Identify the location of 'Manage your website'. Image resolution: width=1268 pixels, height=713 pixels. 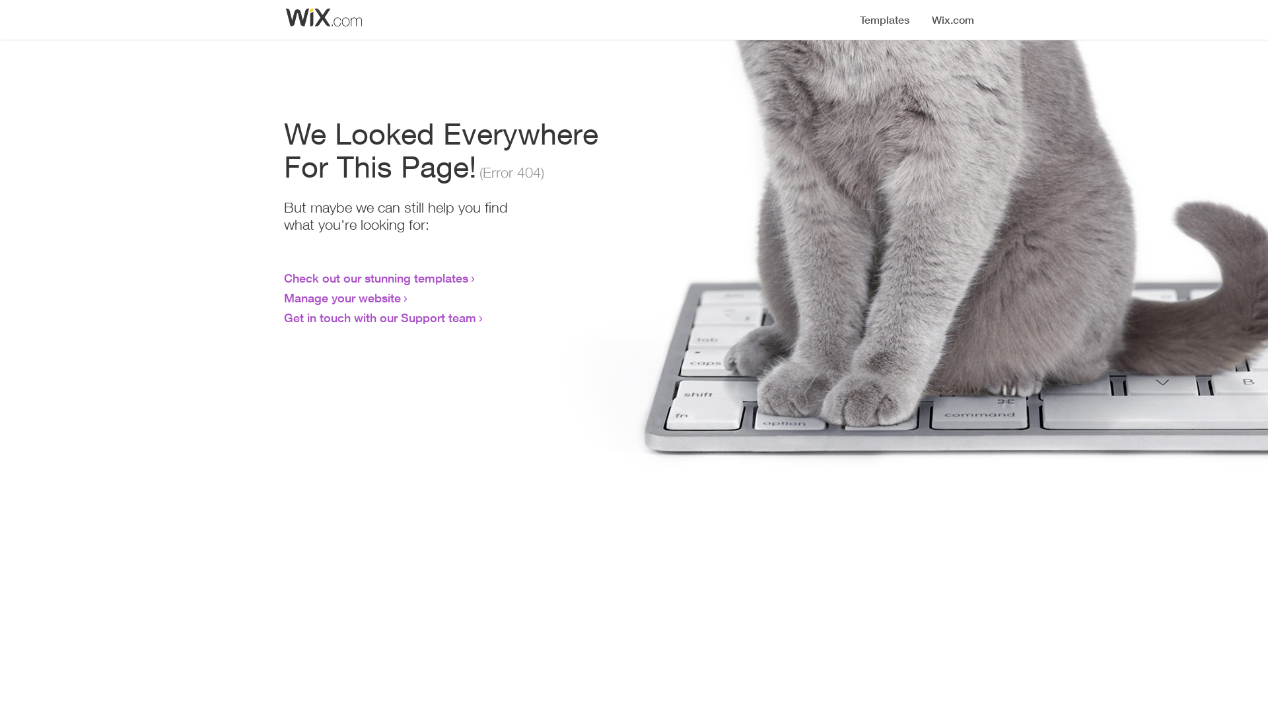
(342, 298).